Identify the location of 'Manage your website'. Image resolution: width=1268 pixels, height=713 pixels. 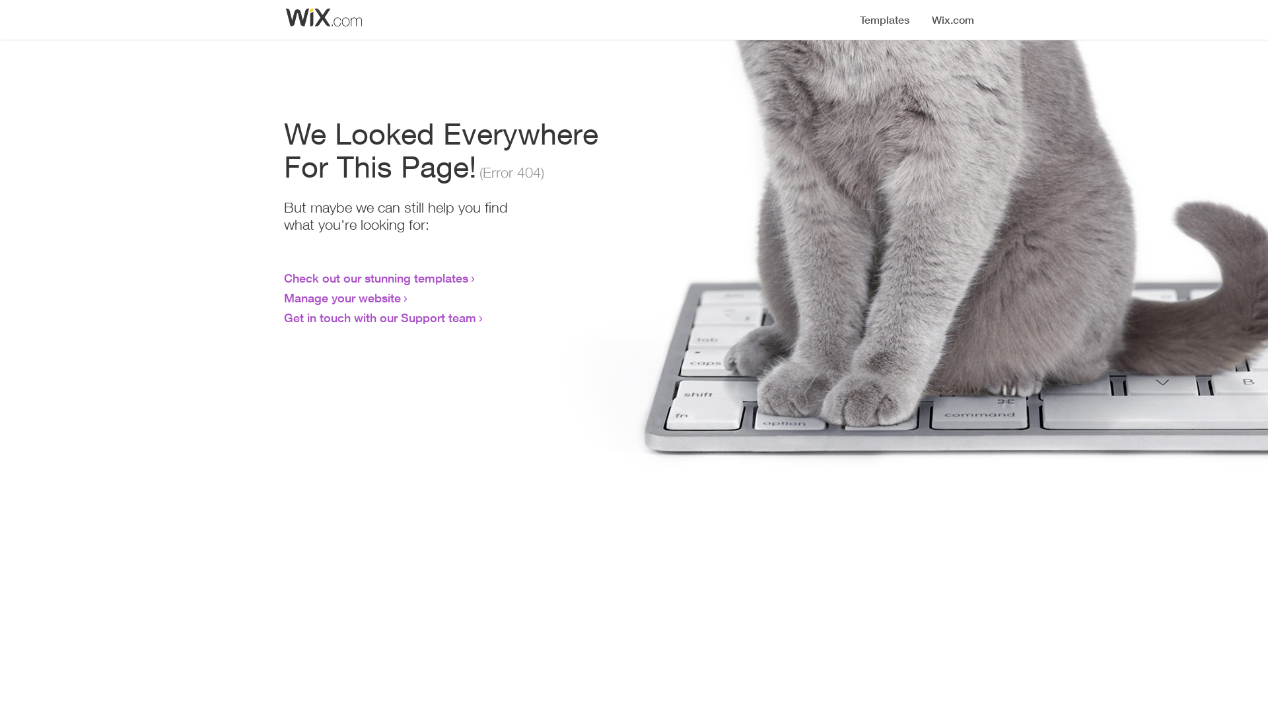
(342, 298).